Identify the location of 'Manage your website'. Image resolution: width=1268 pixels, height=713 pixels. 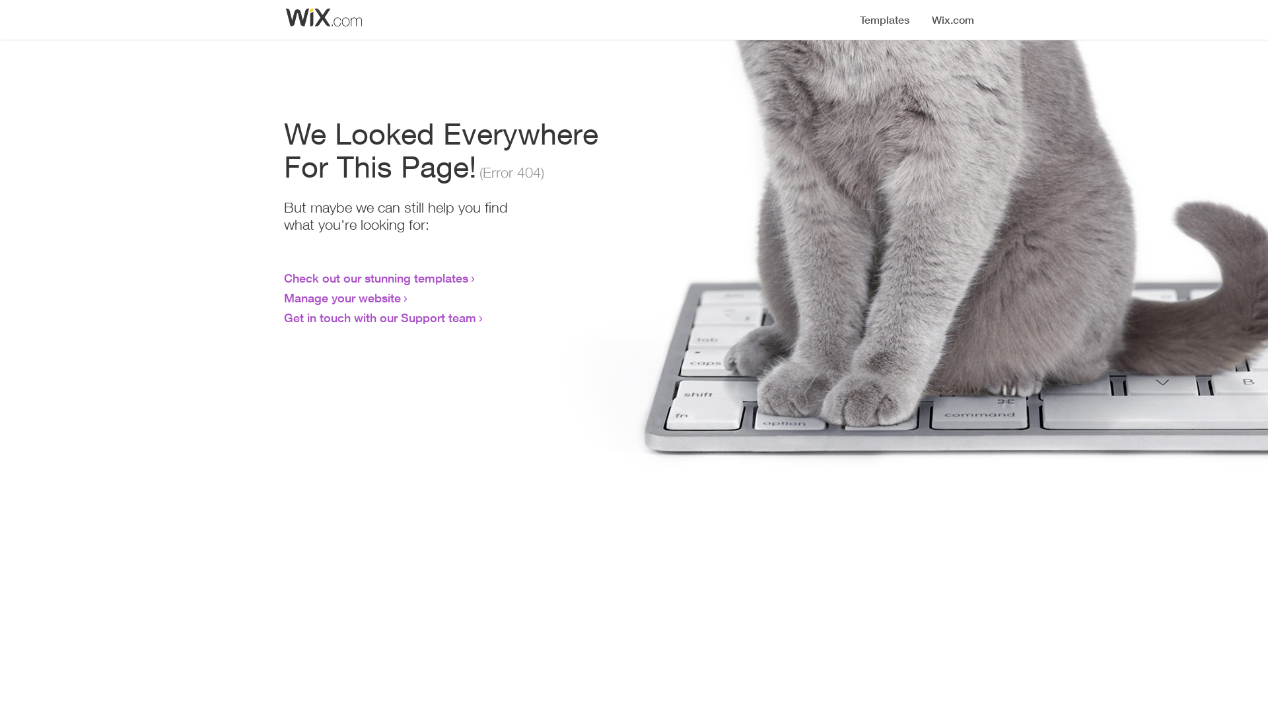
(342, 298).